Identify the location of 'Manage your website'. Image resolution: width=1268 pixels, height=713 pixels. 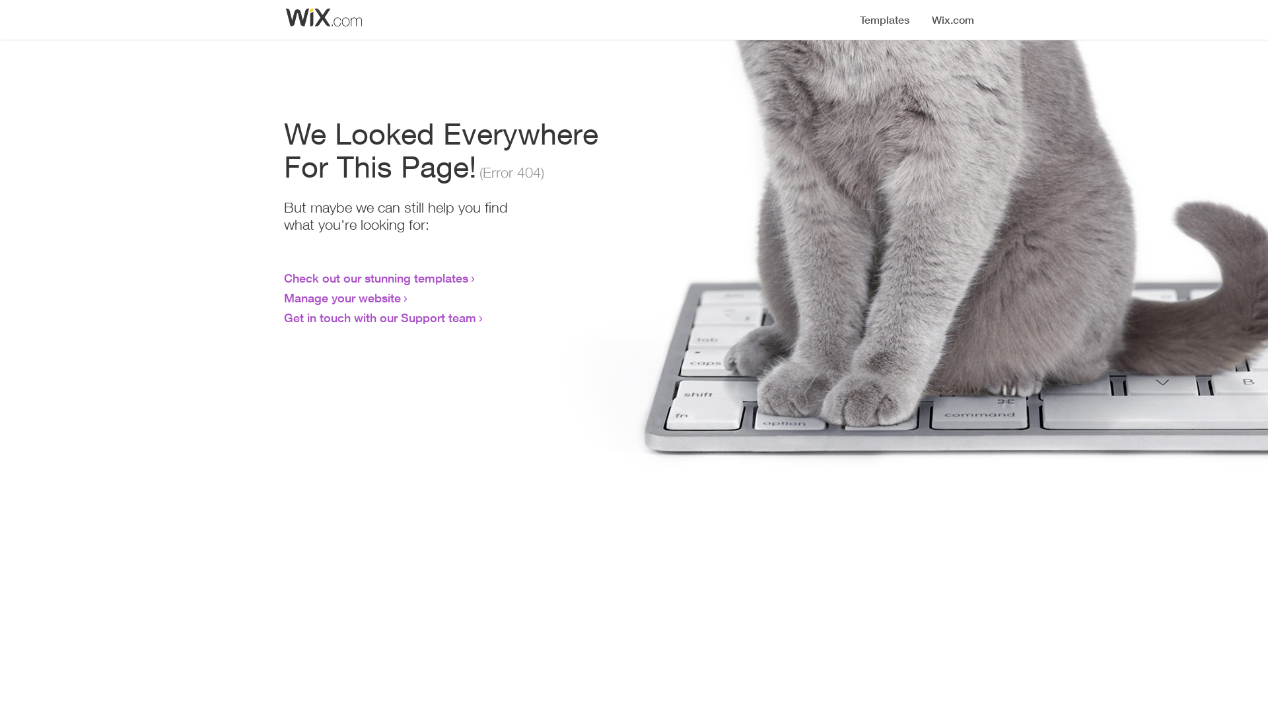
(342, 298).